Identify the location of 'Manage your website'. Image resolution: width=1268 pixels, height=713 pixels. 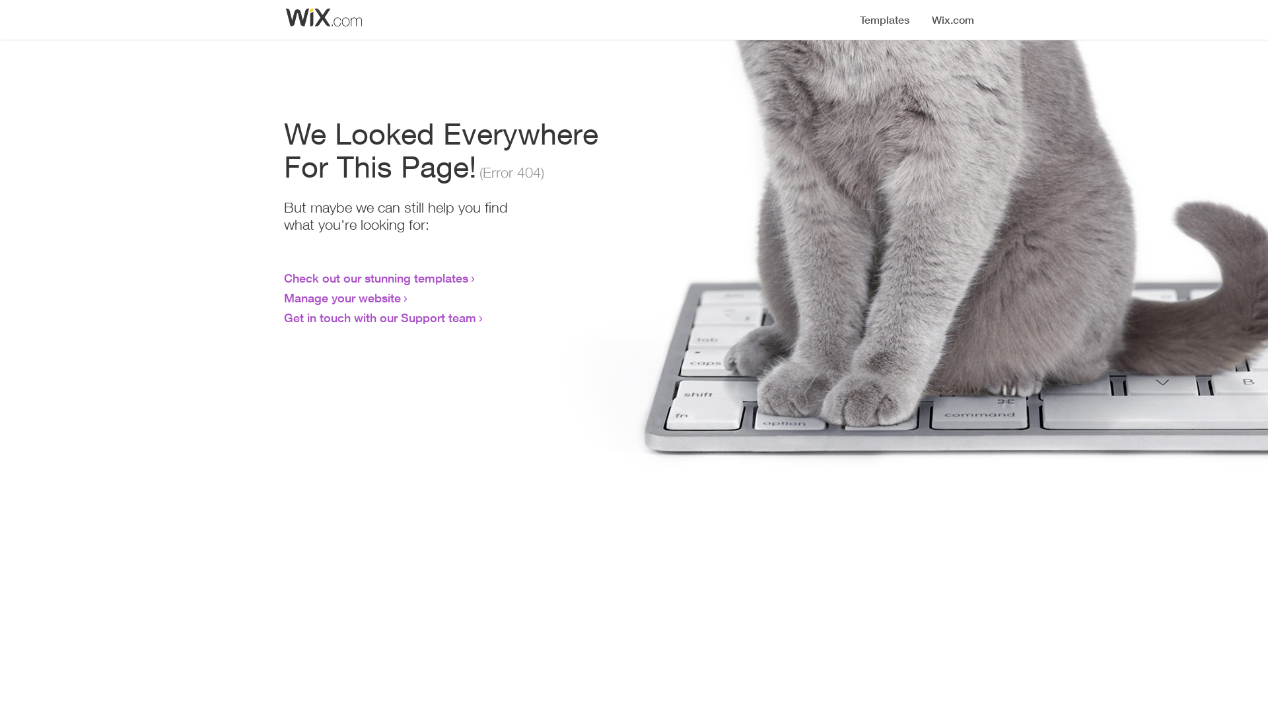
(342, 298).